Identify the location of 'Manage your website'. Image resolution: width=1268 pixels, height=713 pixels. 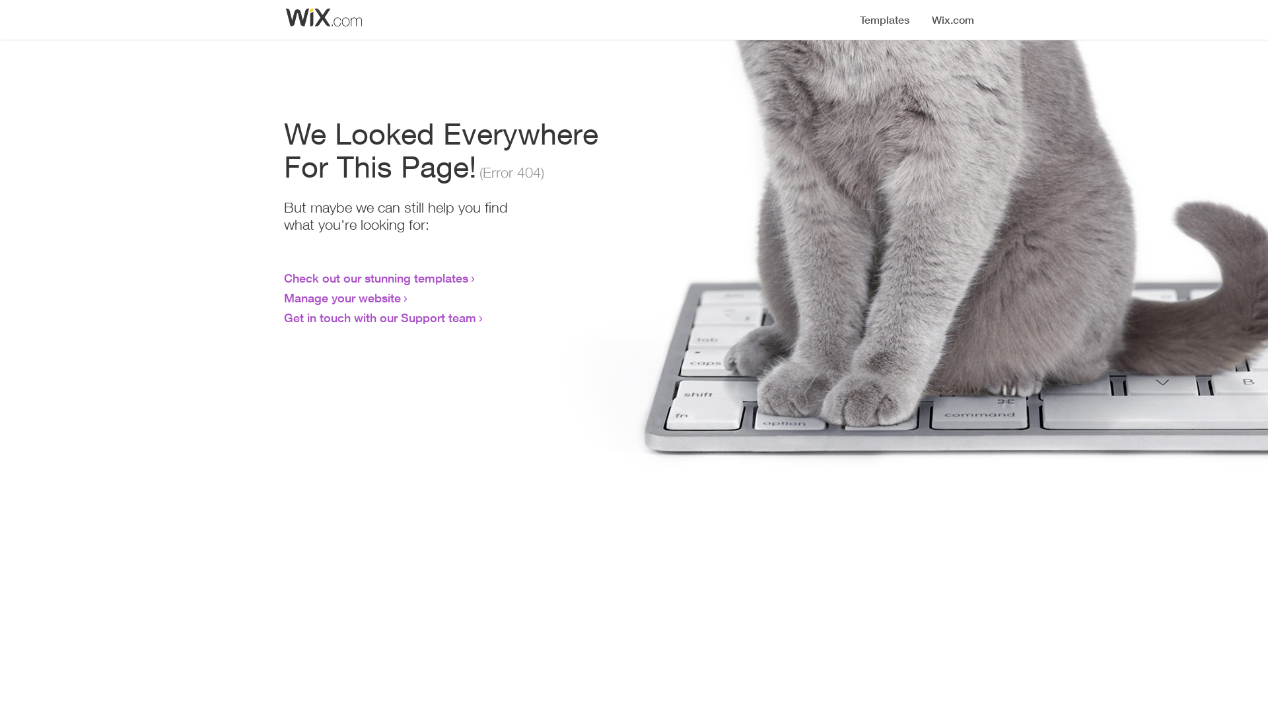
(342, 298).